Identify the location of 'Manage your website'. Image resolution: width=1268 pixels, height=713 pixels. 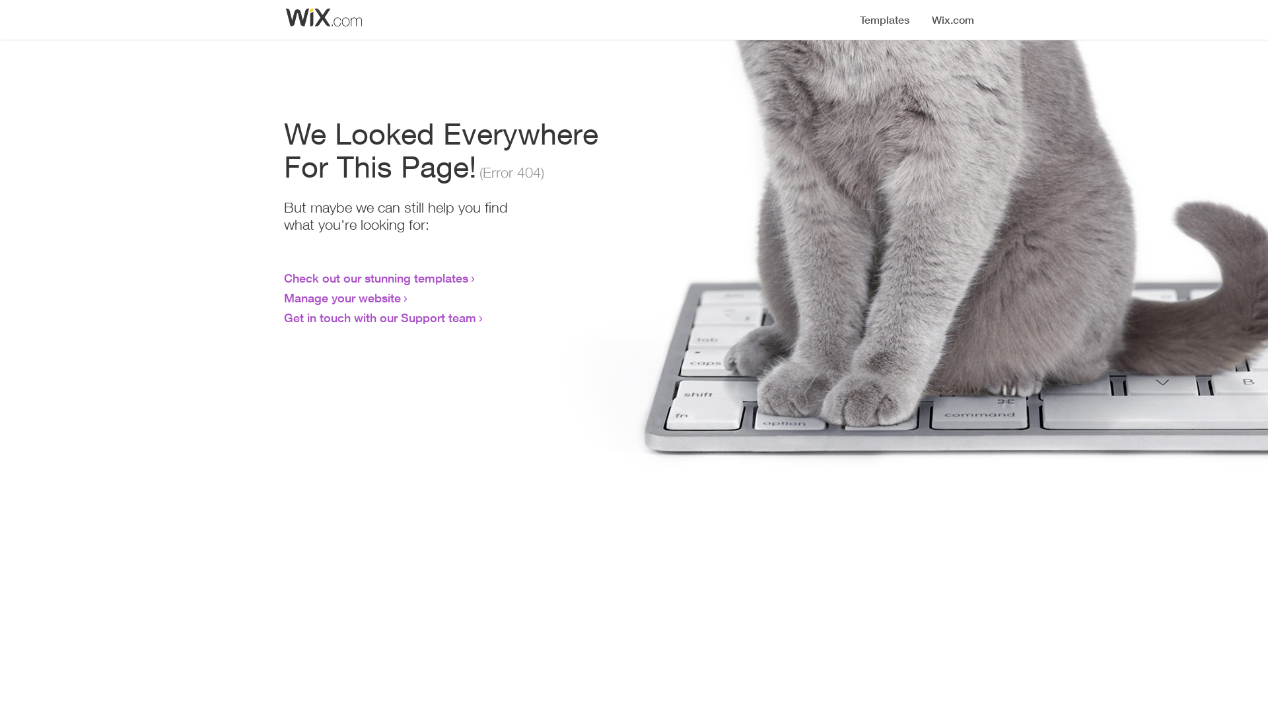
(342, 298).